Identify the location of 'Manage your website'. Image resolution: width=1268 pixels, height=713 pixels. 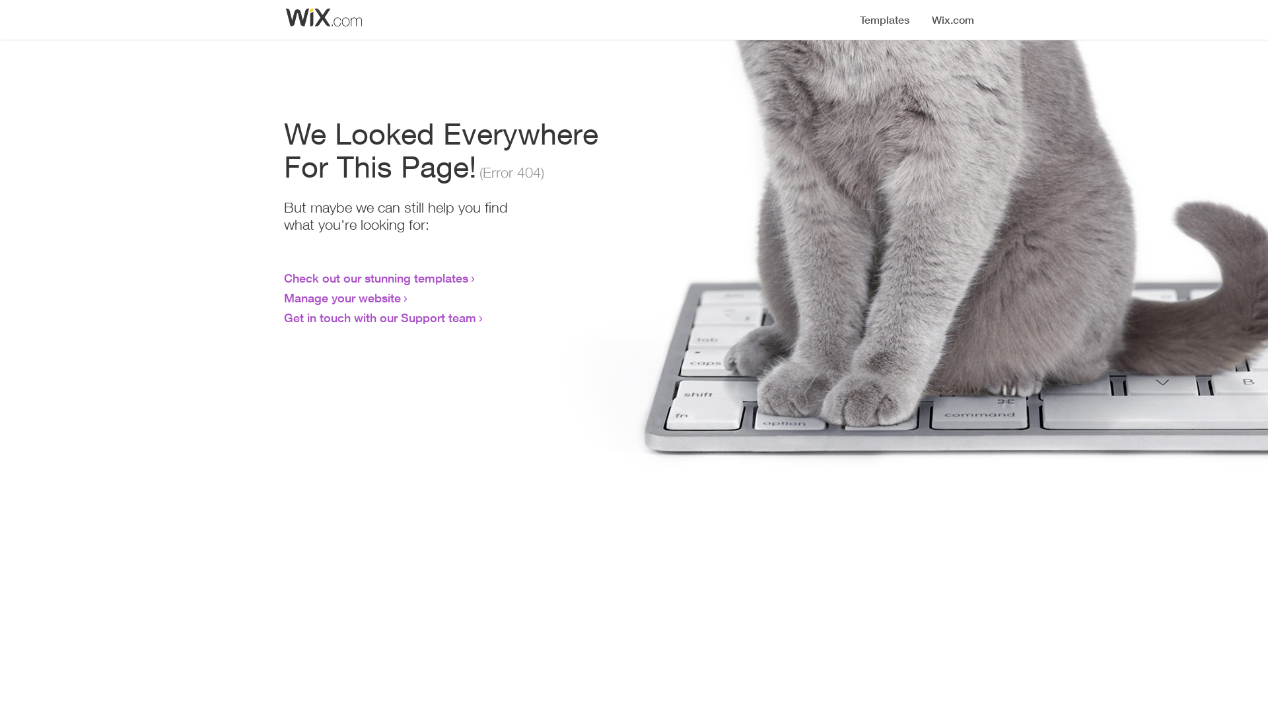
(342, 298).